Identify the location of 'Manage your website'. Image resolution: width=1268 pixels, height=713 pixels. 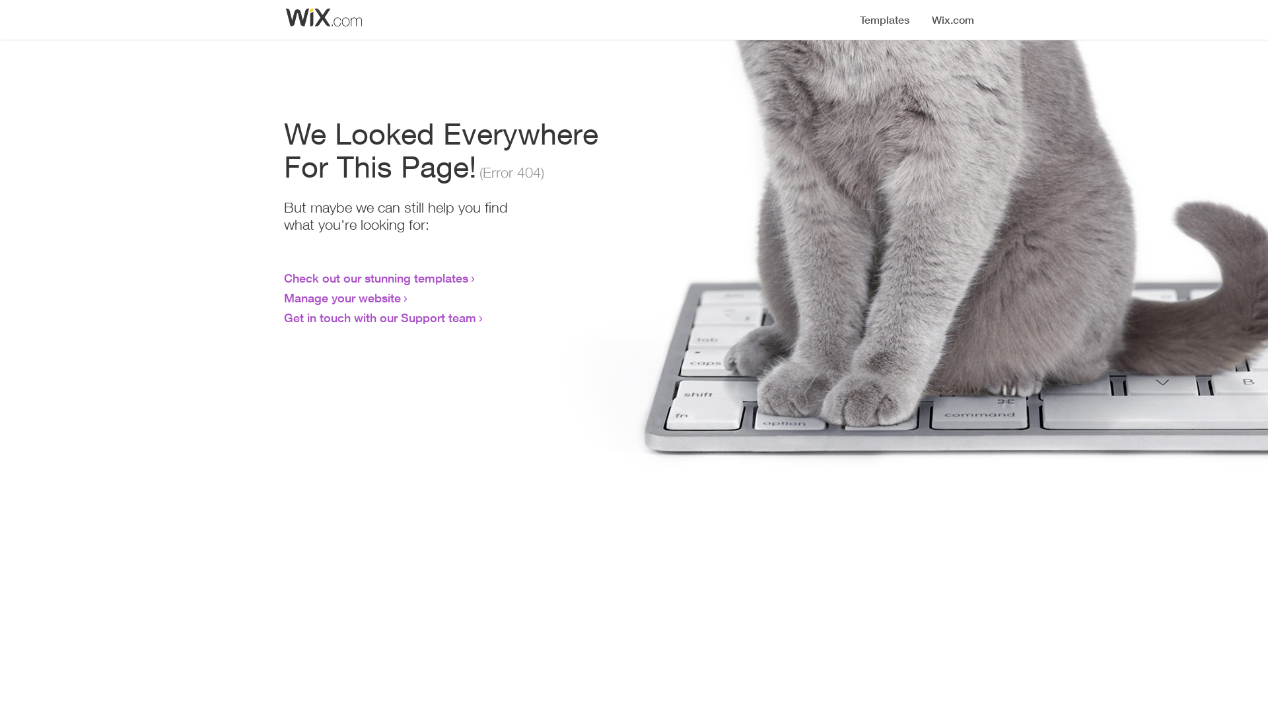
(342, 298).